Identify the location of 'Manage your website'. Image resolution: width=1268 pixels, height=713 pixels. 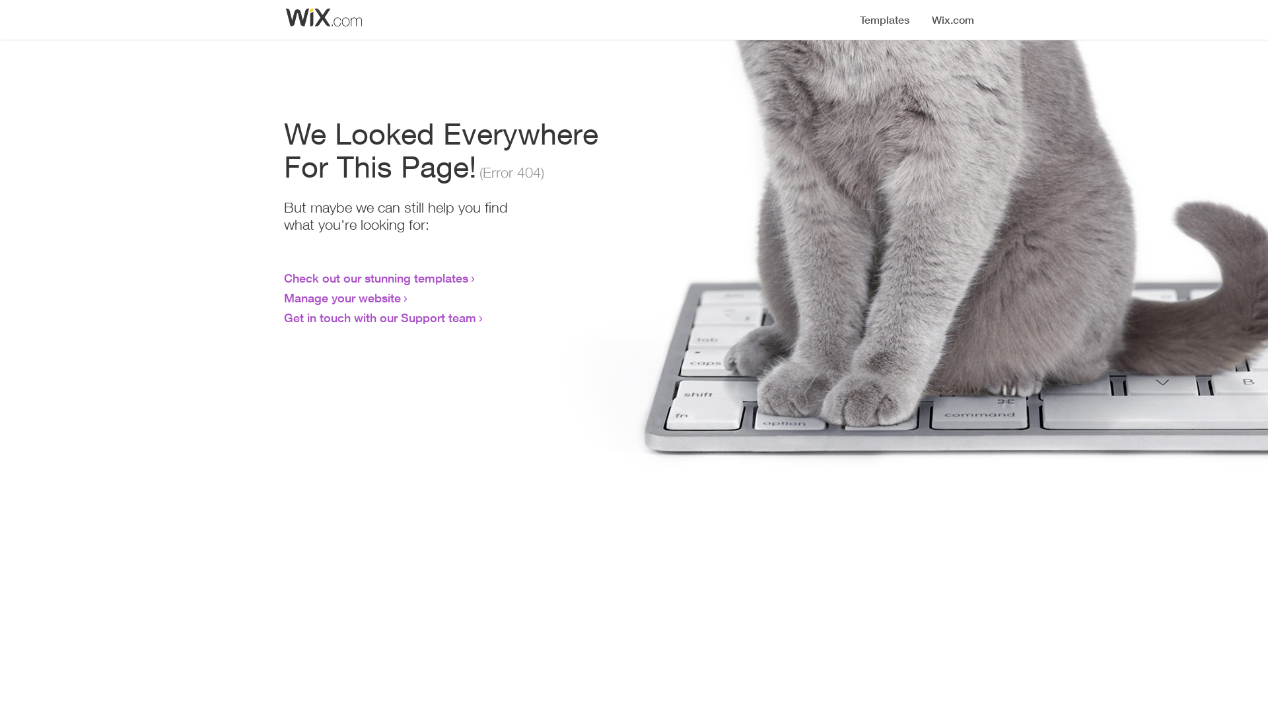
(342, 298).